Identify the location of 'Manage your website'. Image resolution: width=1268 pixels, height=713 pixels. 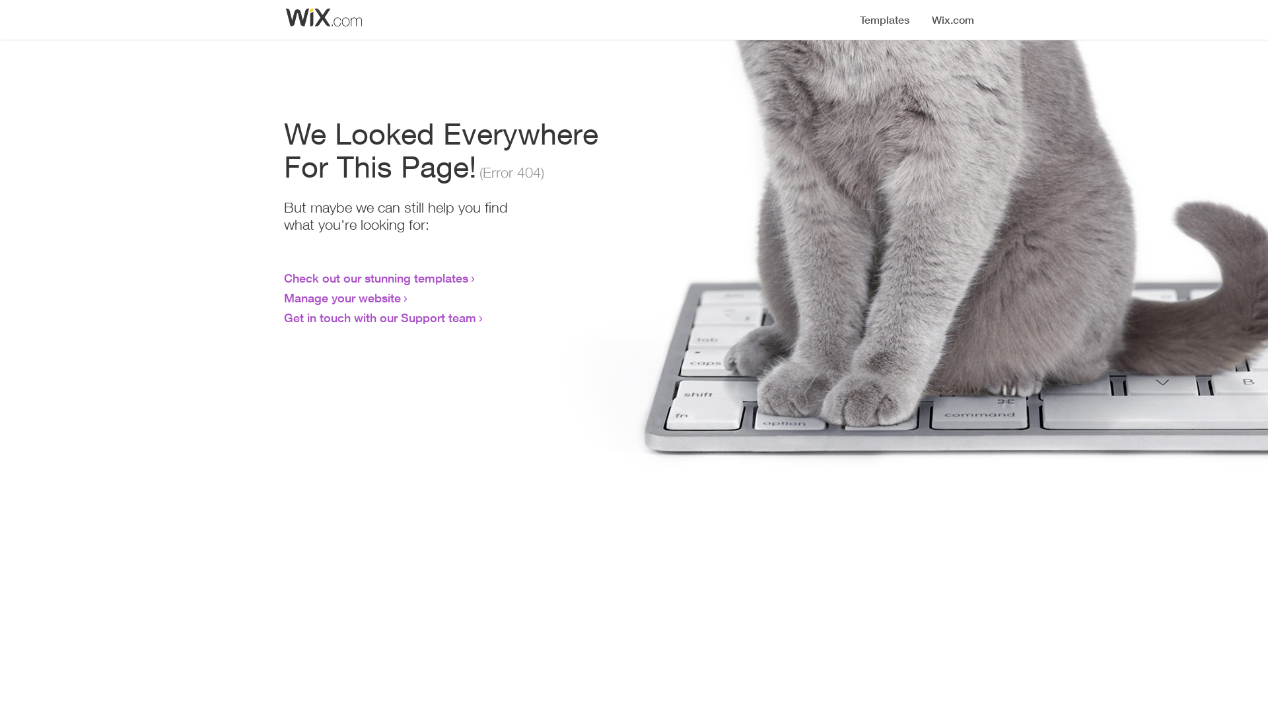
(342, 298).